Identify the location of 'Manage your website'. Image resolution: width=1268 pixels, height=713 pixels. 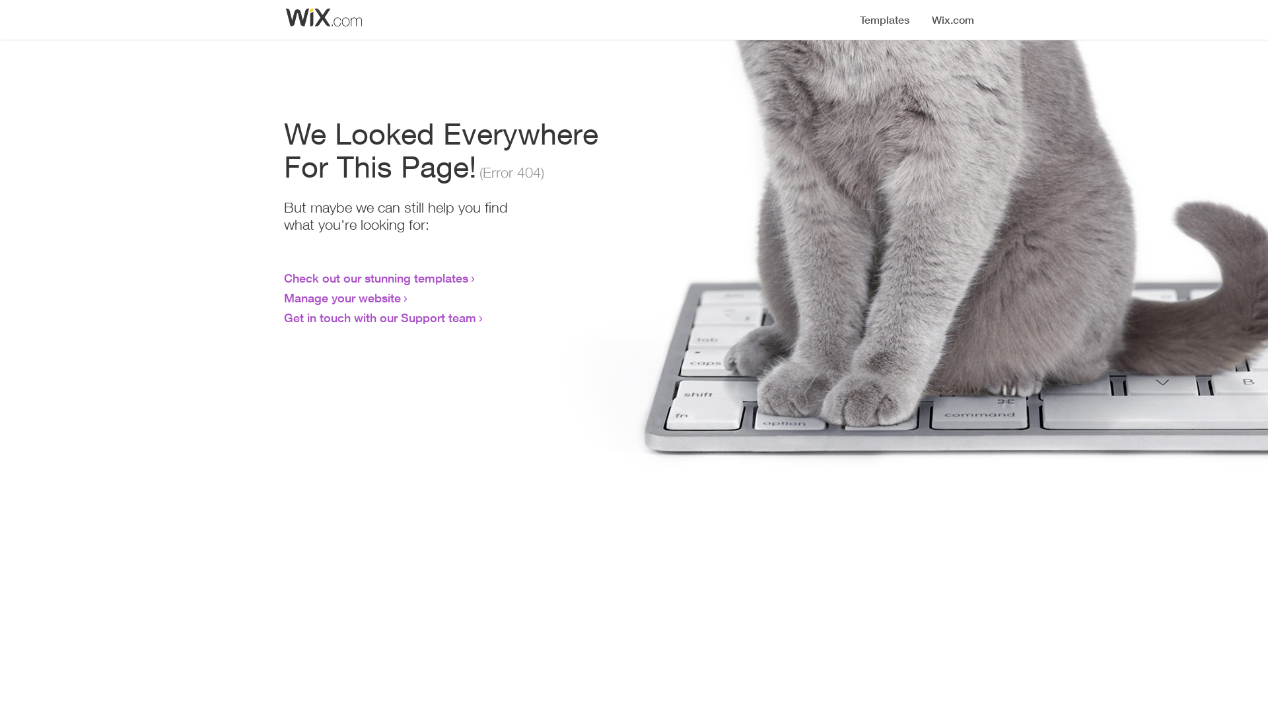
(342, 298).